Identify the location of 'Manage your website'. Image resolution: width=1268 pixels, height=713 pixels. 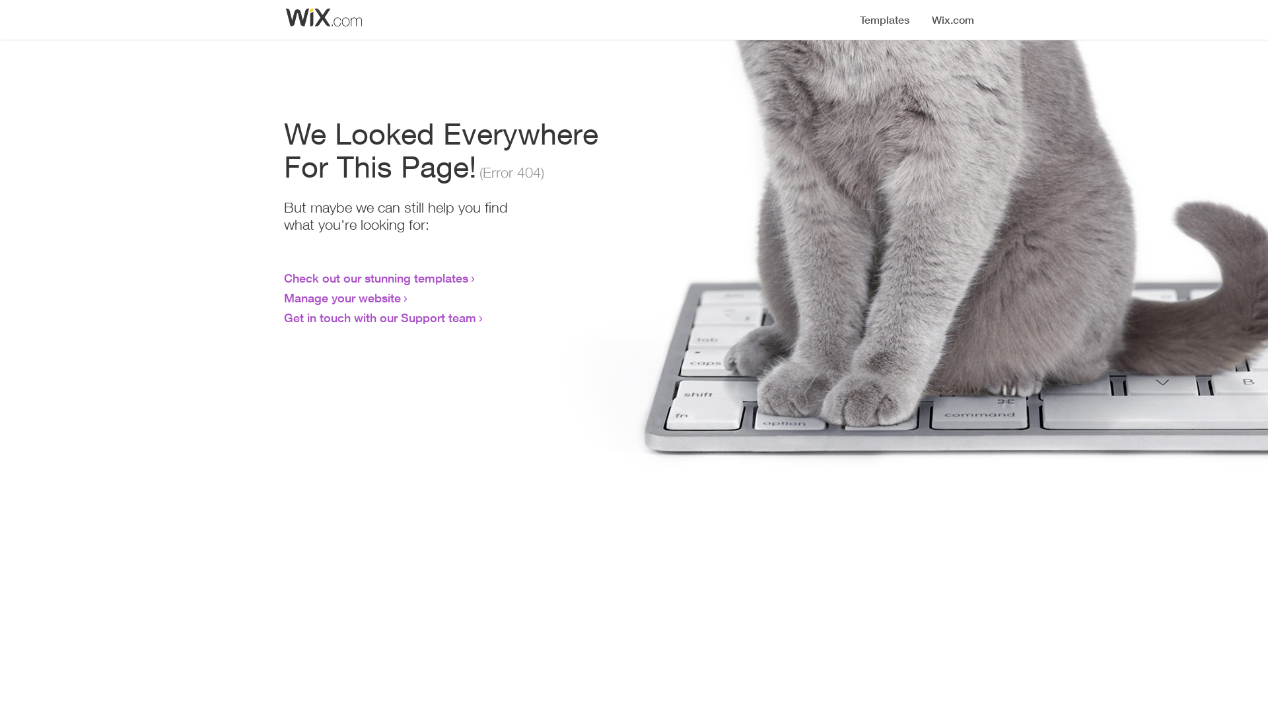
(342, 298).